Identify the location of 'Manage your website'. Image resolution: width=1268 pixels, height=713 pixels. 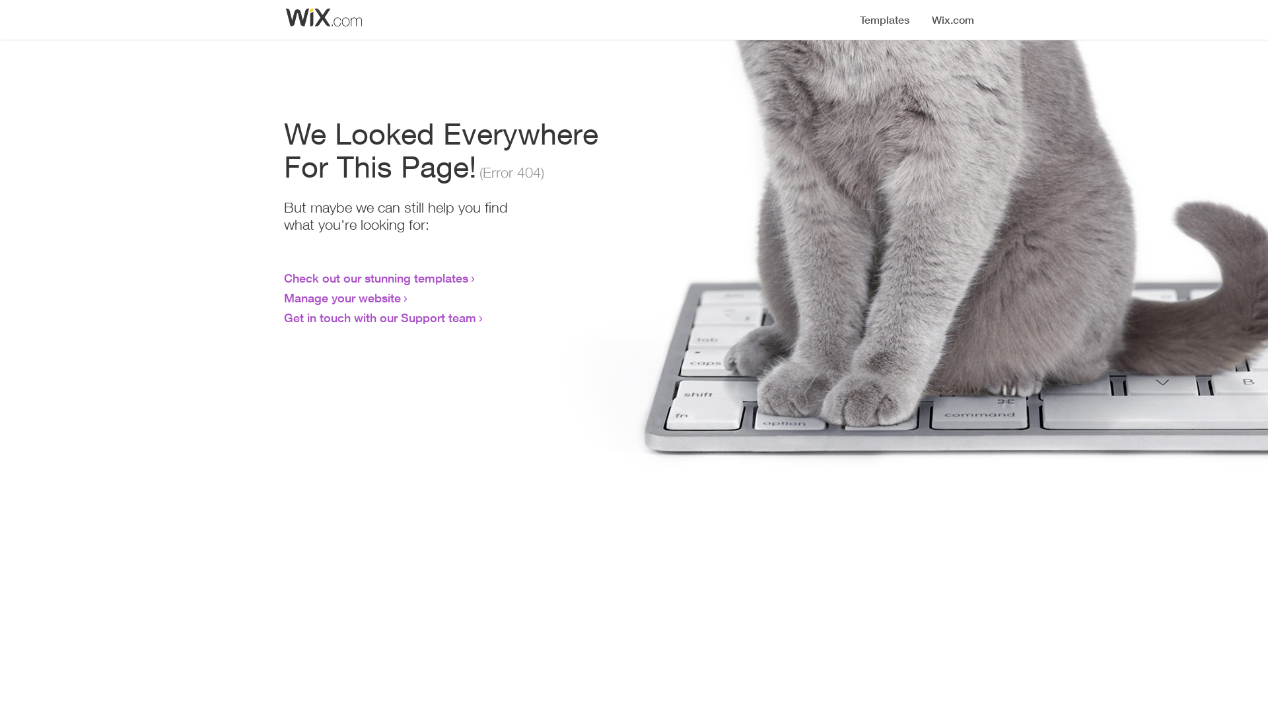
(342, 298).